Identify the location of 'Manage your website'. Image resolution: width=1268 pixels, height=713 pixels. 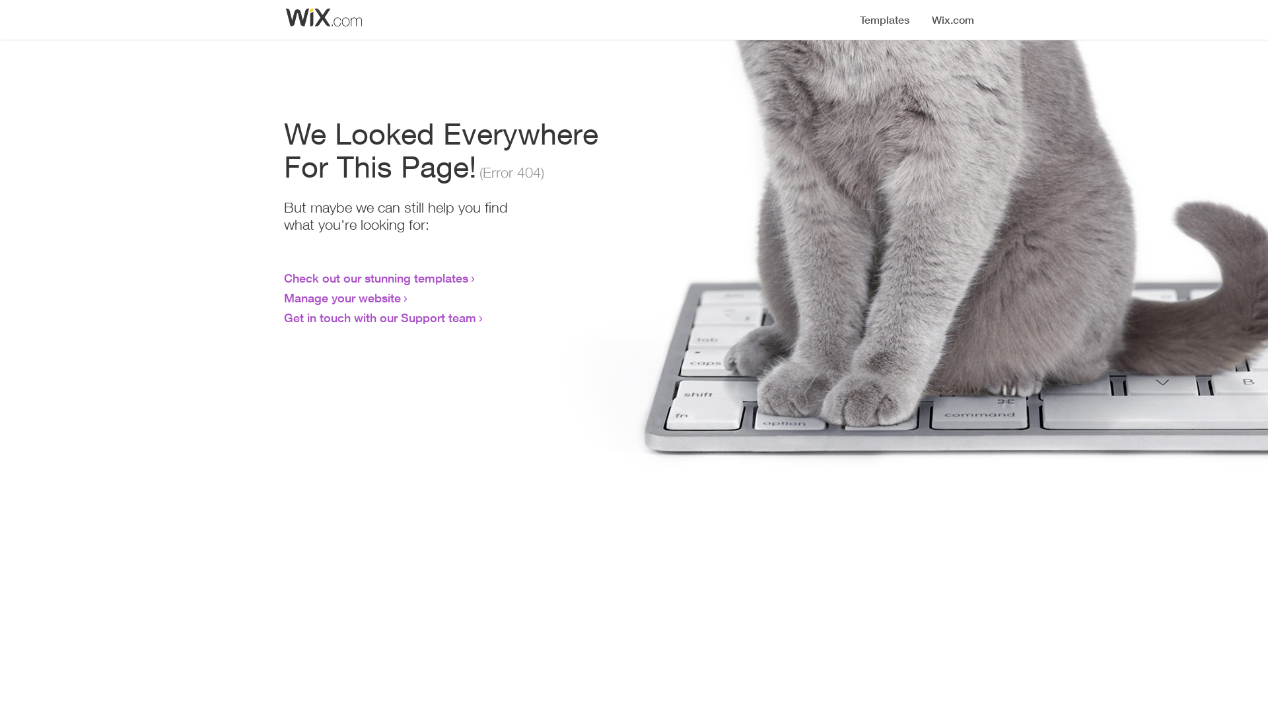
(342, 298).